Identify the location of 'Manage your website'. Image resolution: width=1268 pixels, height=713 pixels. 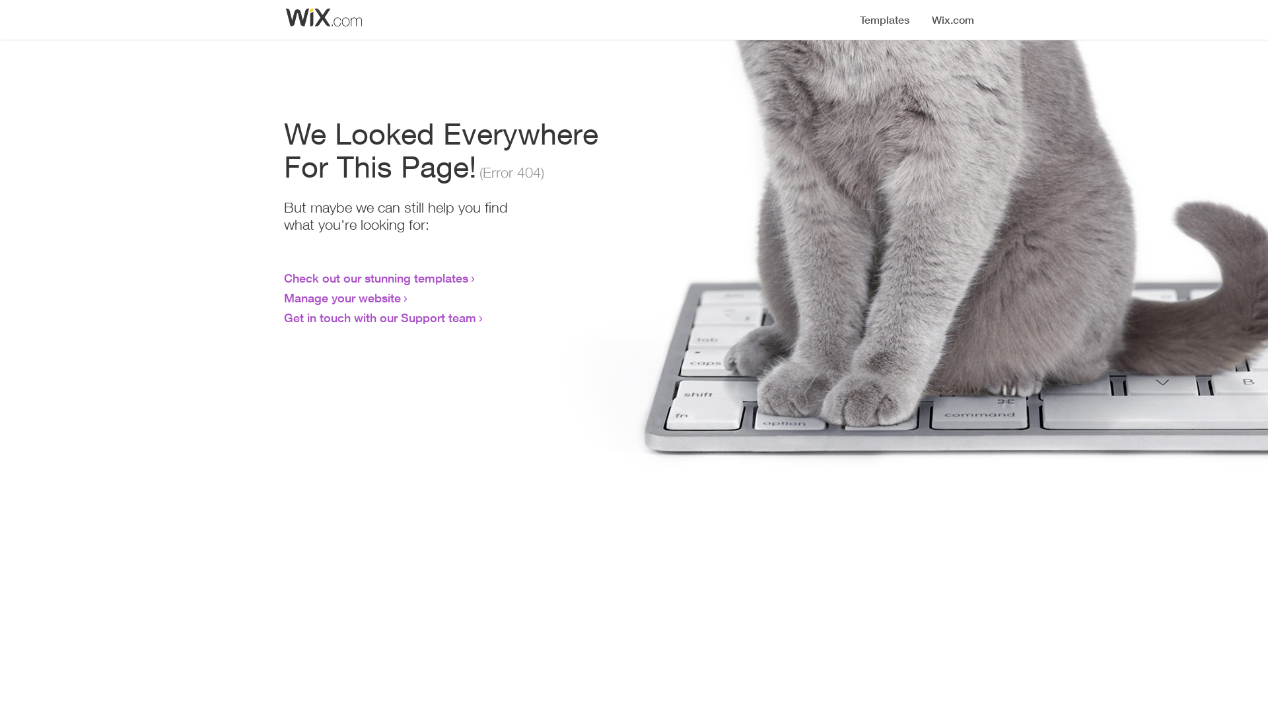
(342, 298).